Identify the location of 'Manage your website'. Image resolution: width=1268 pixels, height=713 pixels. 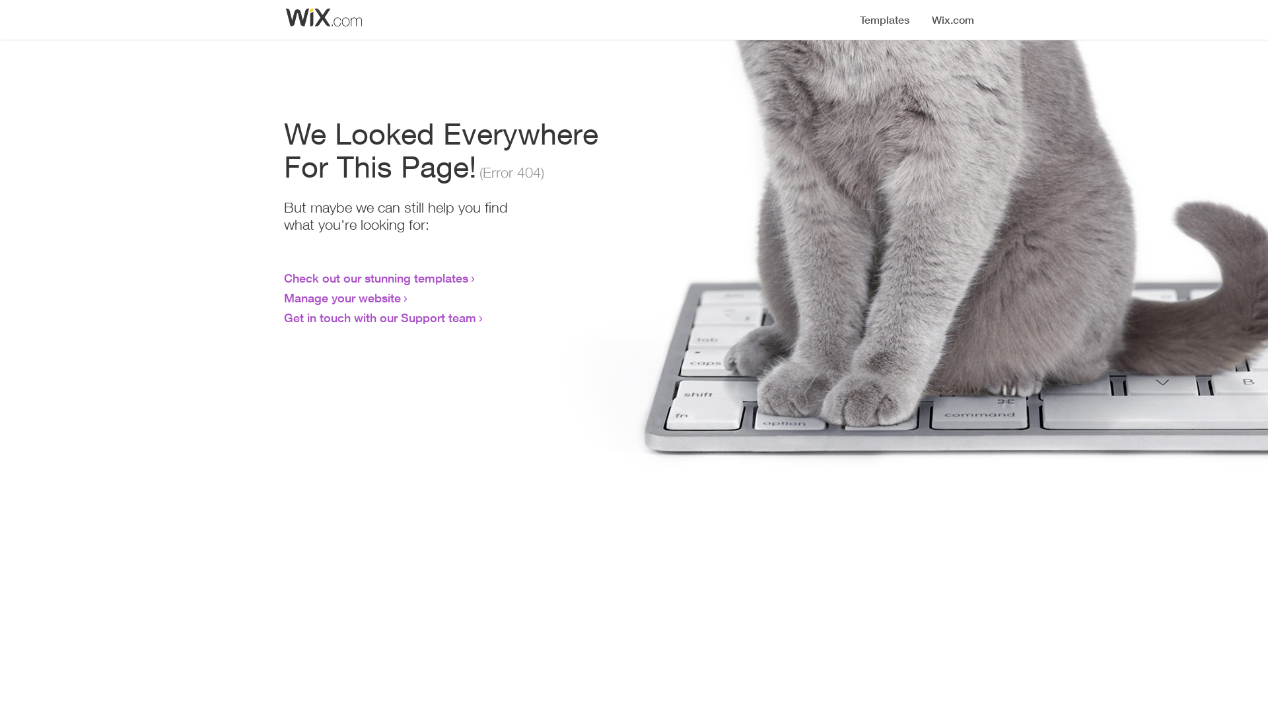
(342, 298).